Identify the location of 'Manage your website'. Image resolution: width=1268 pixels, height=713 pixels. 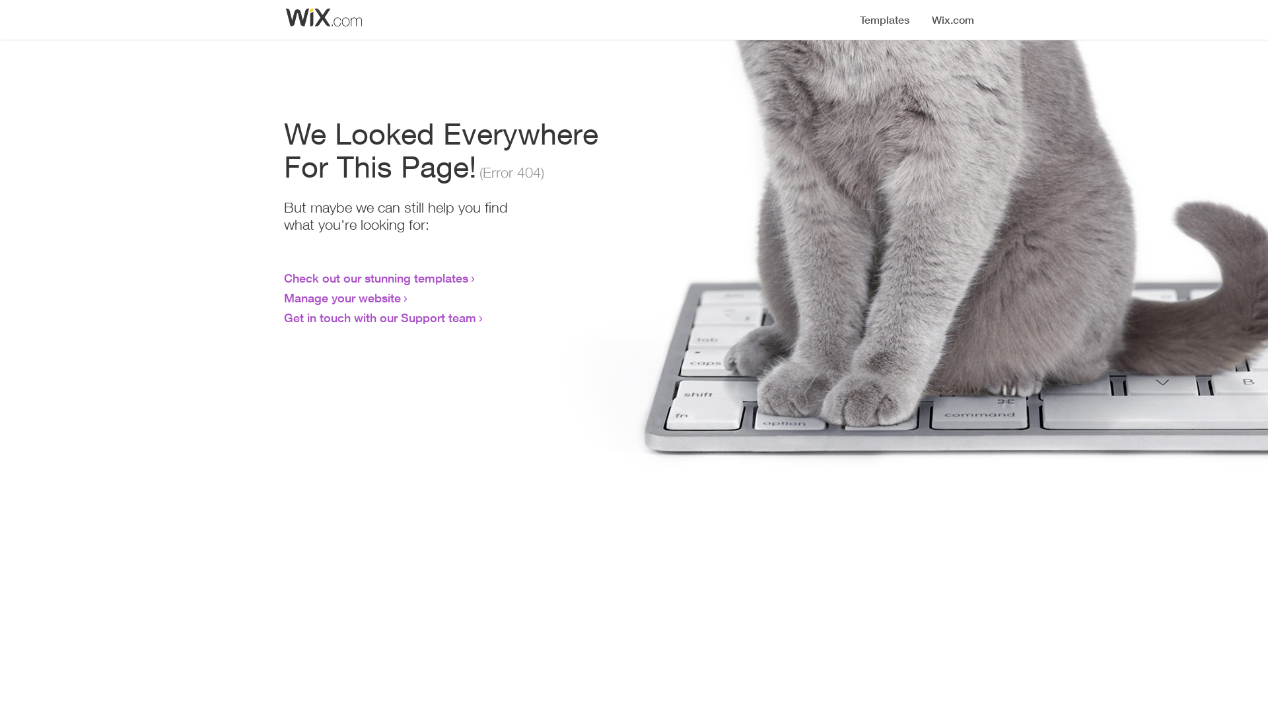
(342, 298).